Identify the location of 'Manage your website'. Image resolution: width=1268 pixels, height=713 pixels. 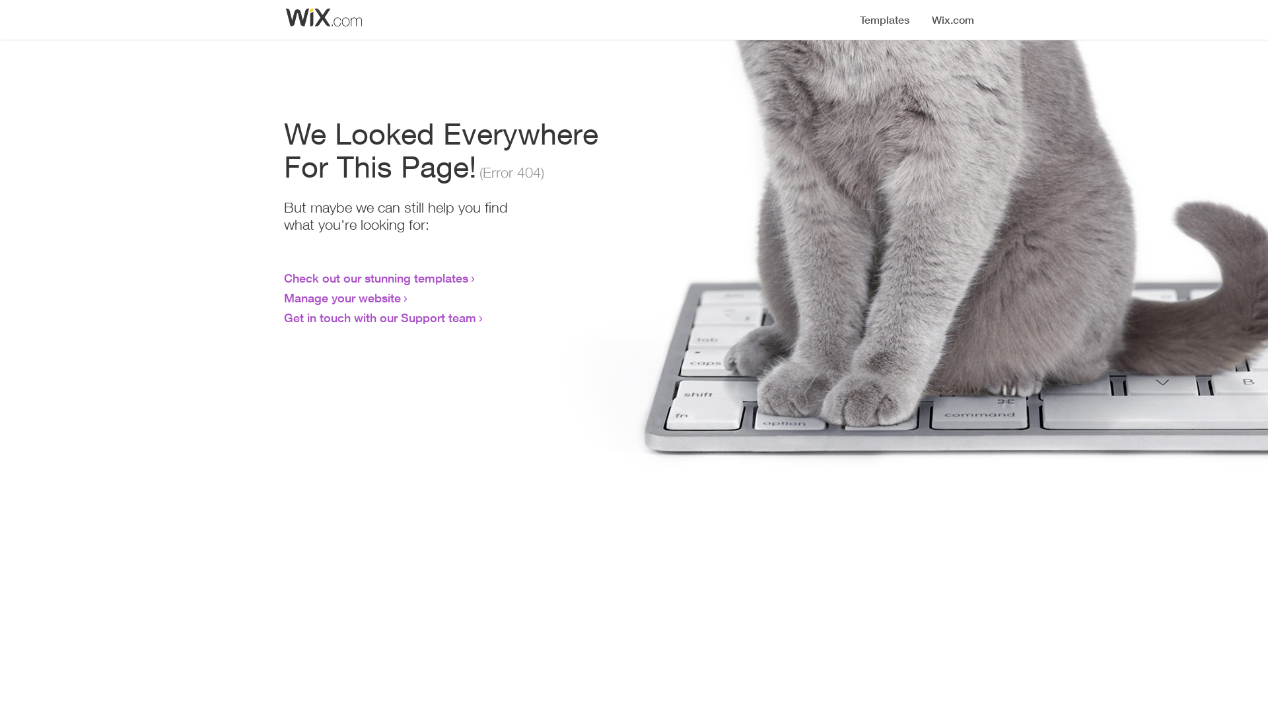
(342, 298).